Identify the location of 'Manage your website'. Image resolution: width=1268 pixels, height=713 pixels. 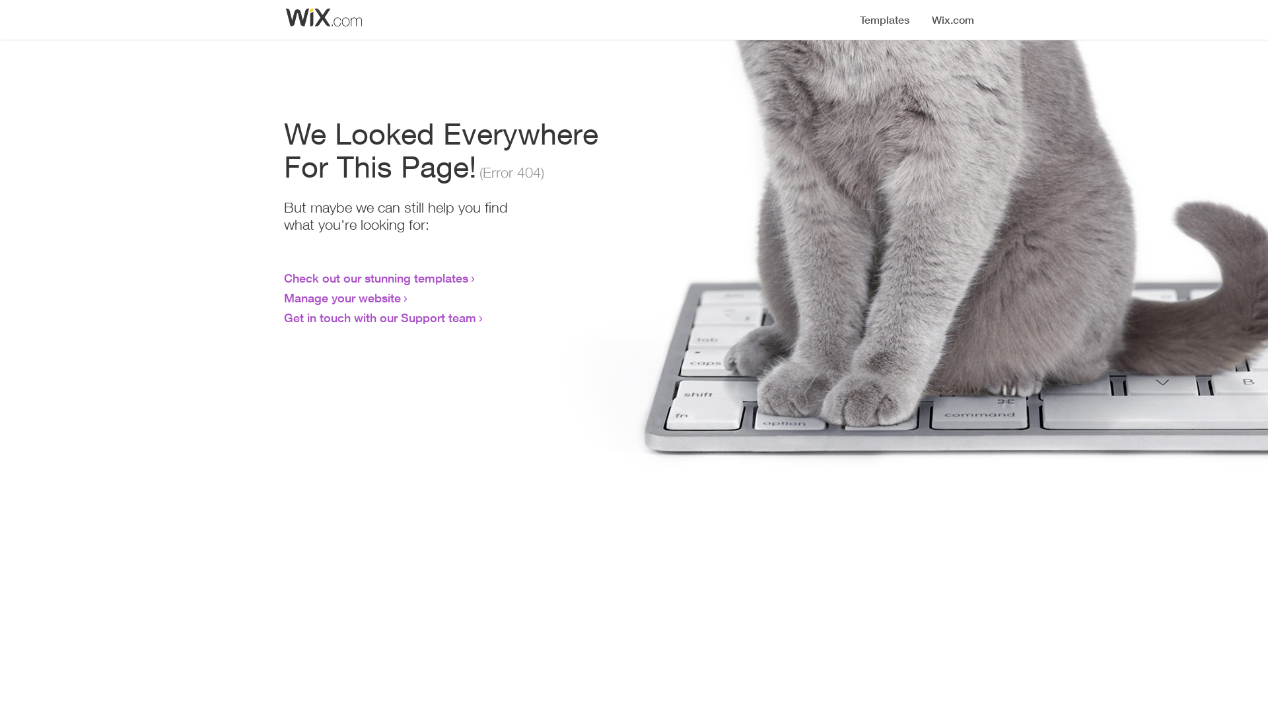
(342, 298).